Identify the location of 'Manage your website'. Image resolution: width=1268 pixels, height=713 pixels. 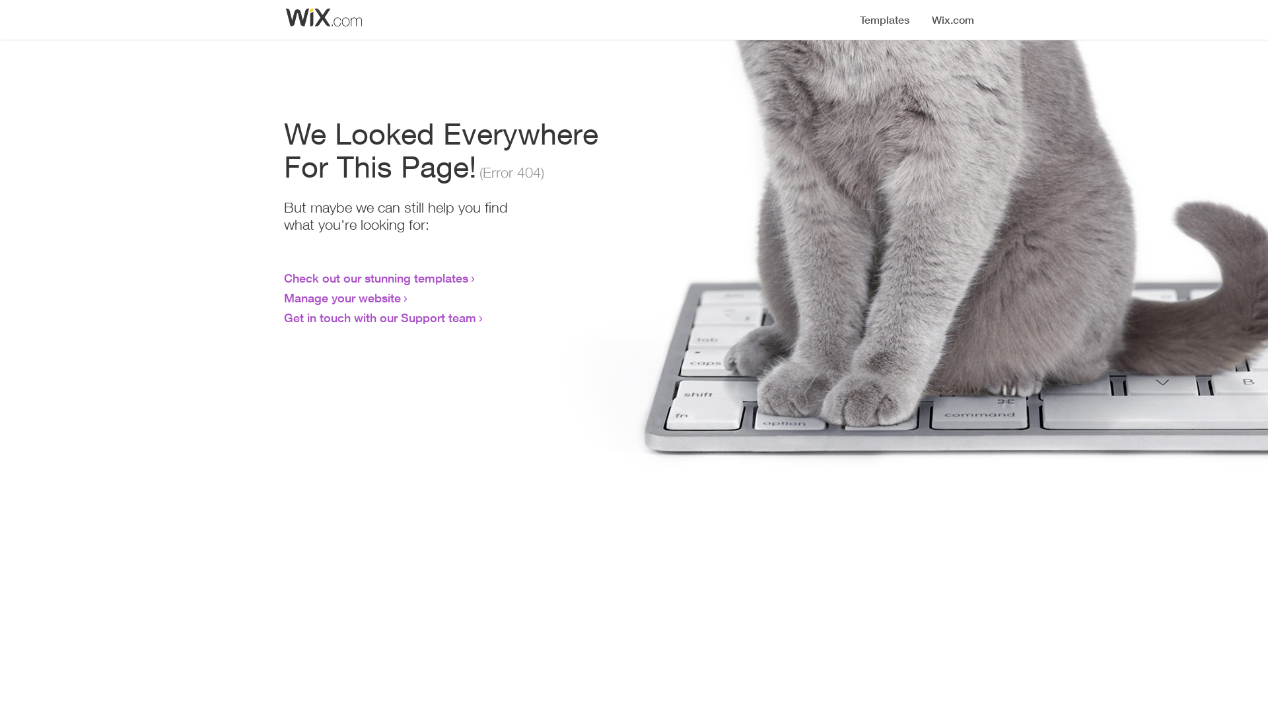
(342, 298).